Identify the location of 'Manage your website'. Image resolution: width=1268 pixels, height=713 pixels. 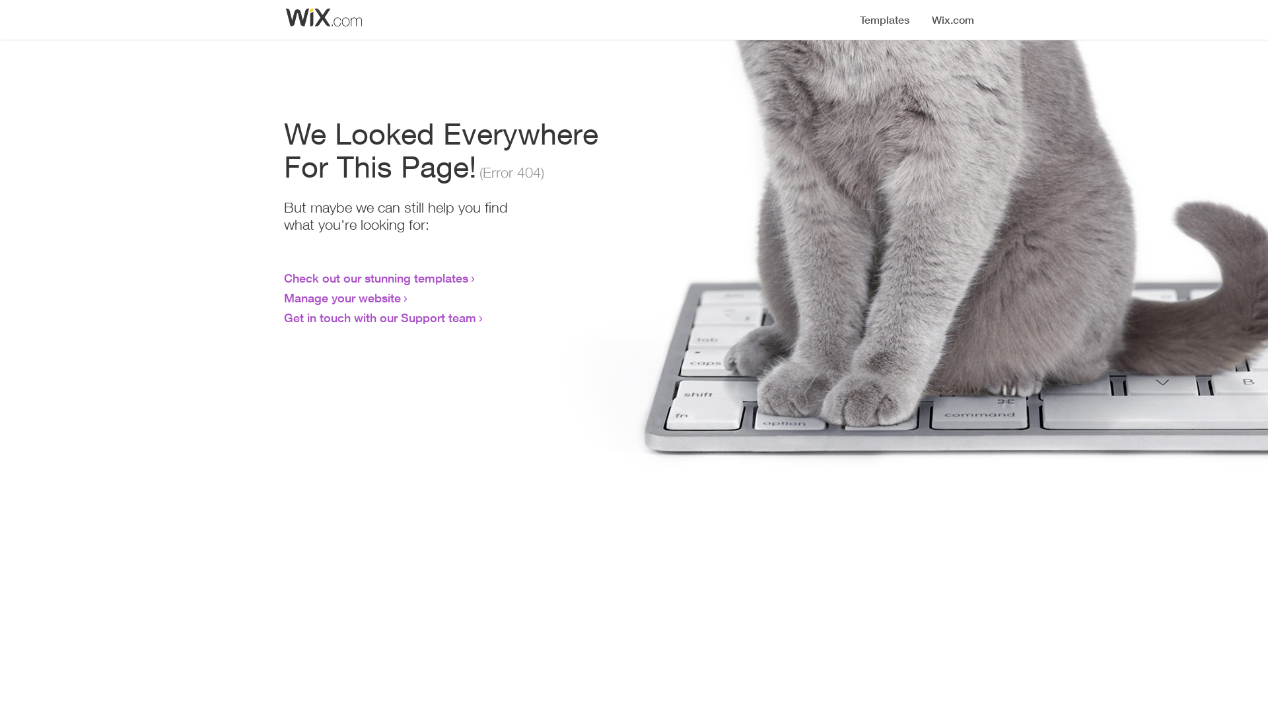
(342, 298).